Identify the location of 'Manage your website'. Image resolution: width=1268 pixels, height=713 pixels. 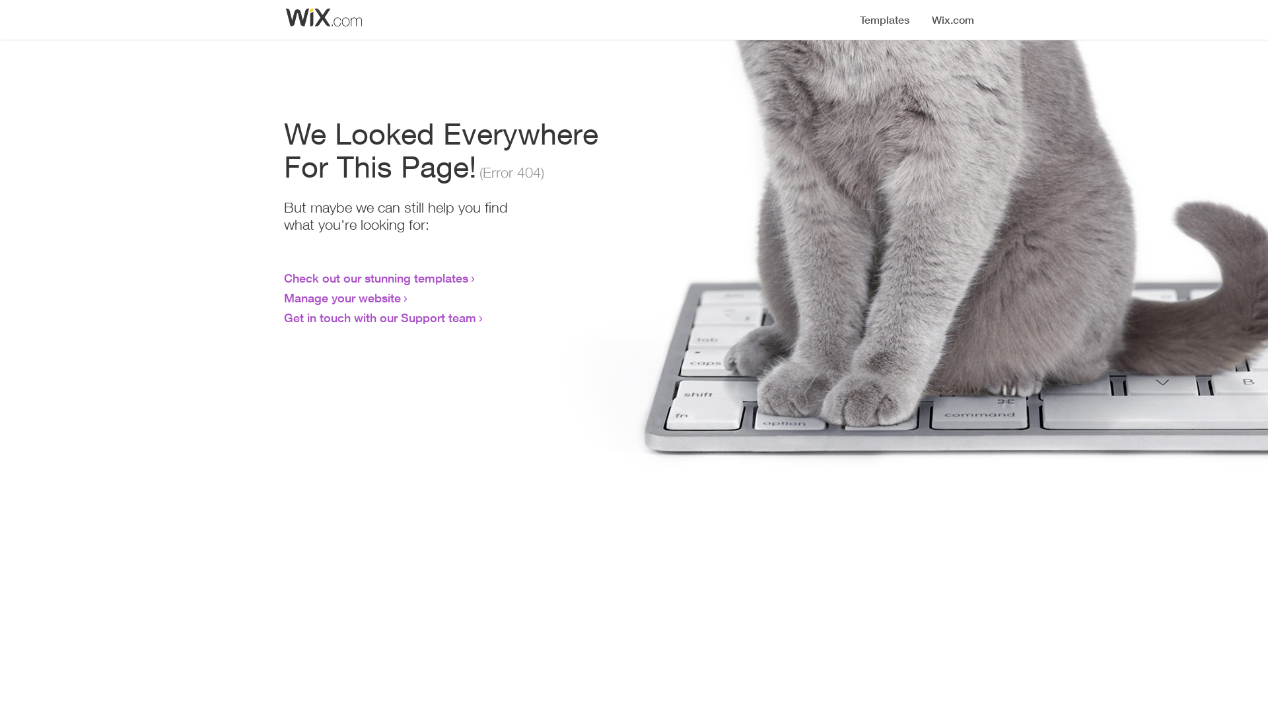
(342, 298).